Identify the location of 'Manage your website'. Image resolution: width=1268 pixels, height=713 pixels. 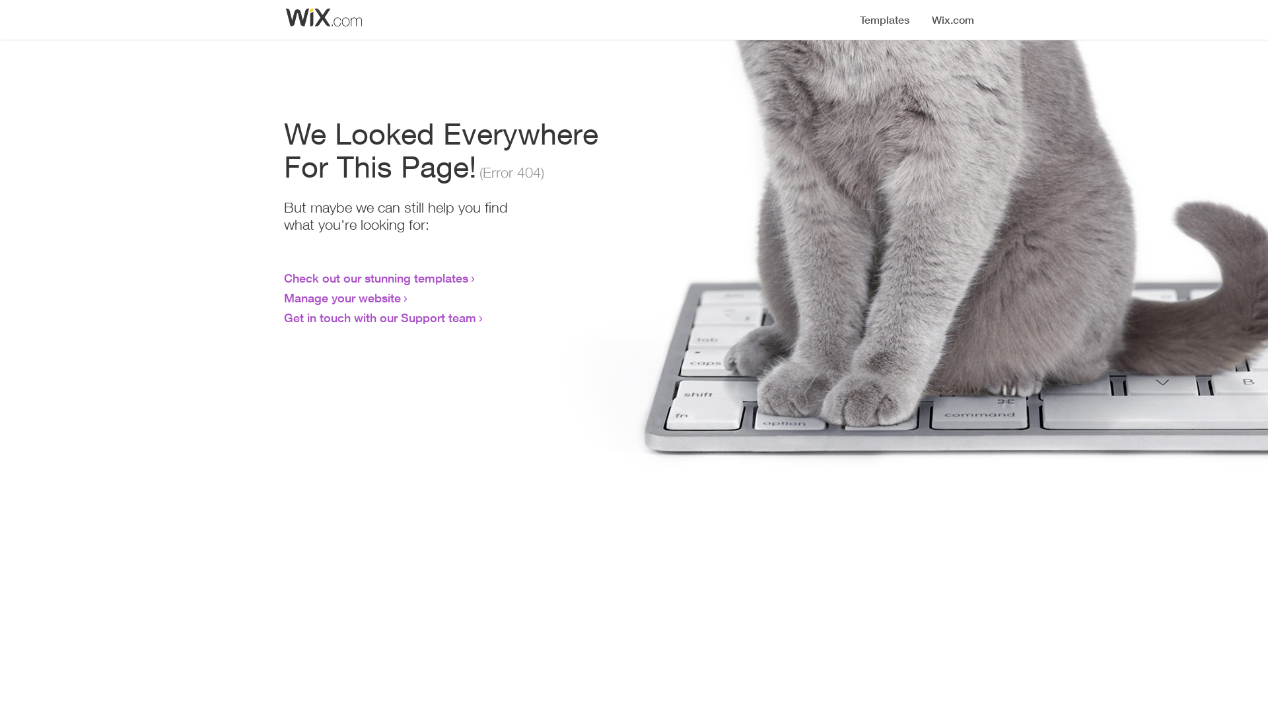
(342, 298).